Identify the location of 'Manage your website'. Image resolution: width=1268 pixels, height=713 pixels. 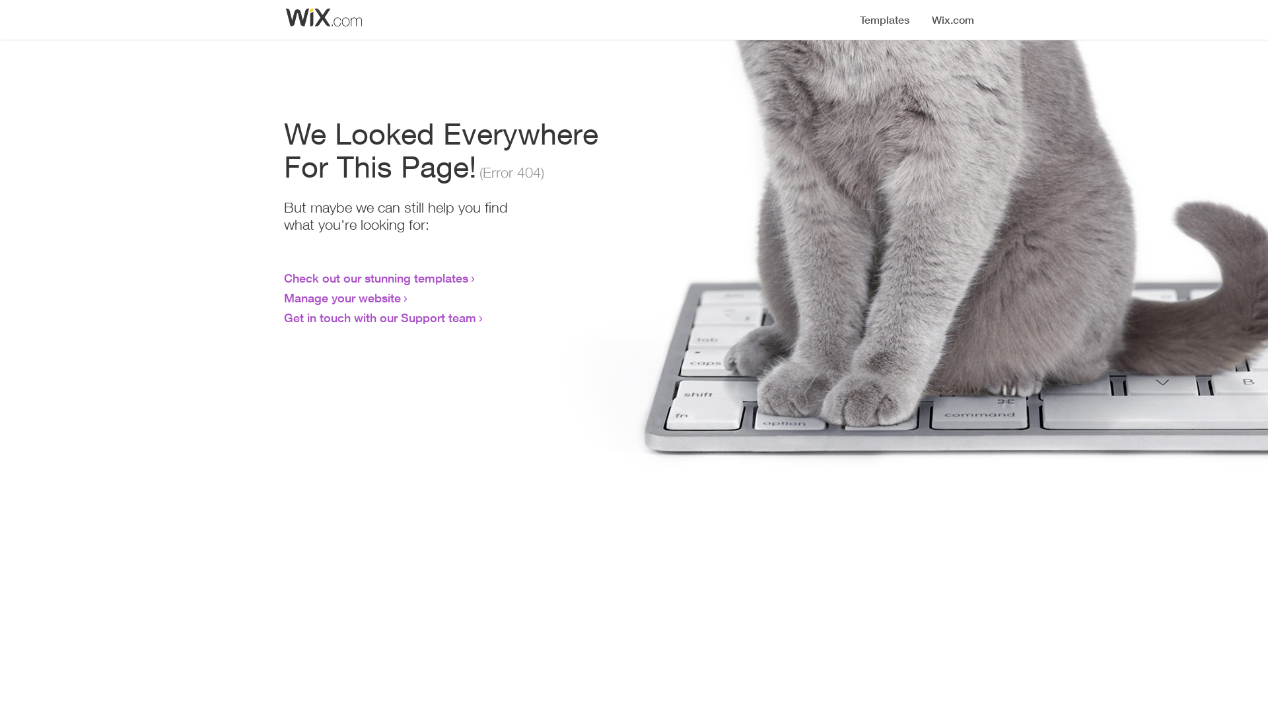
(342, 298).